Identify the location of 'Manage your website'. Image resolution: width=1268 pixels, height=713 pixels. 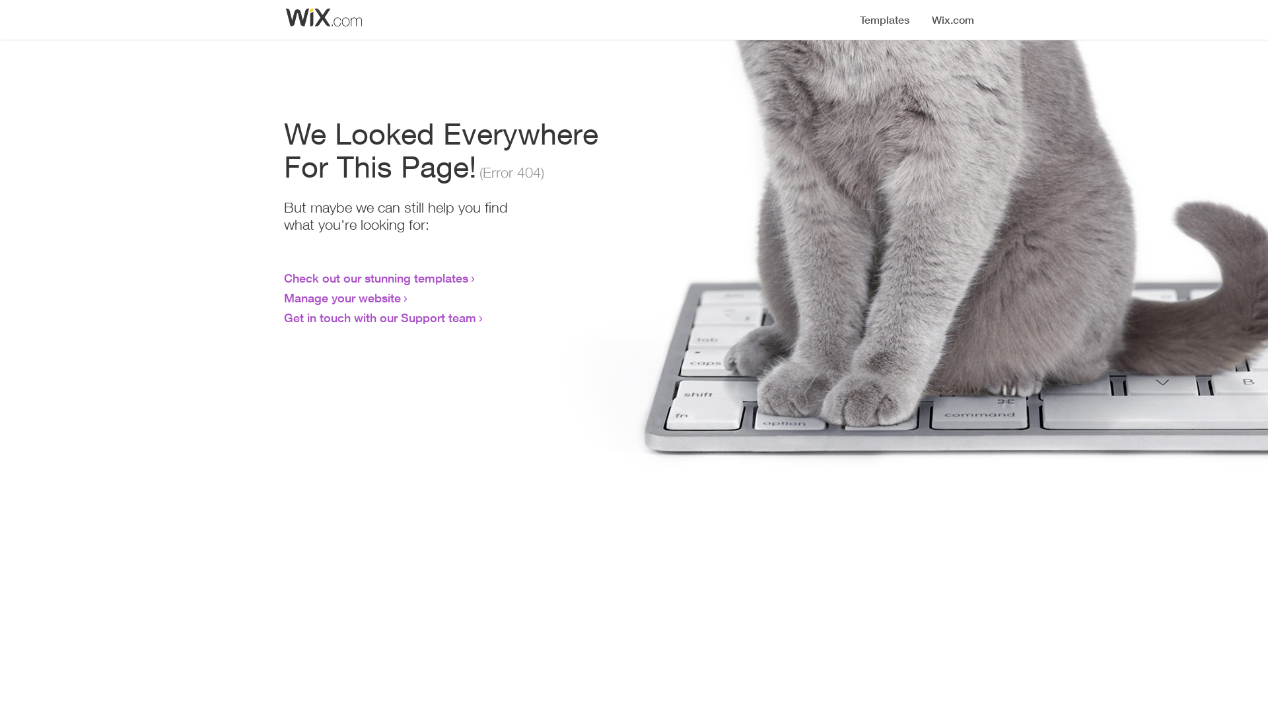
(342, 298).